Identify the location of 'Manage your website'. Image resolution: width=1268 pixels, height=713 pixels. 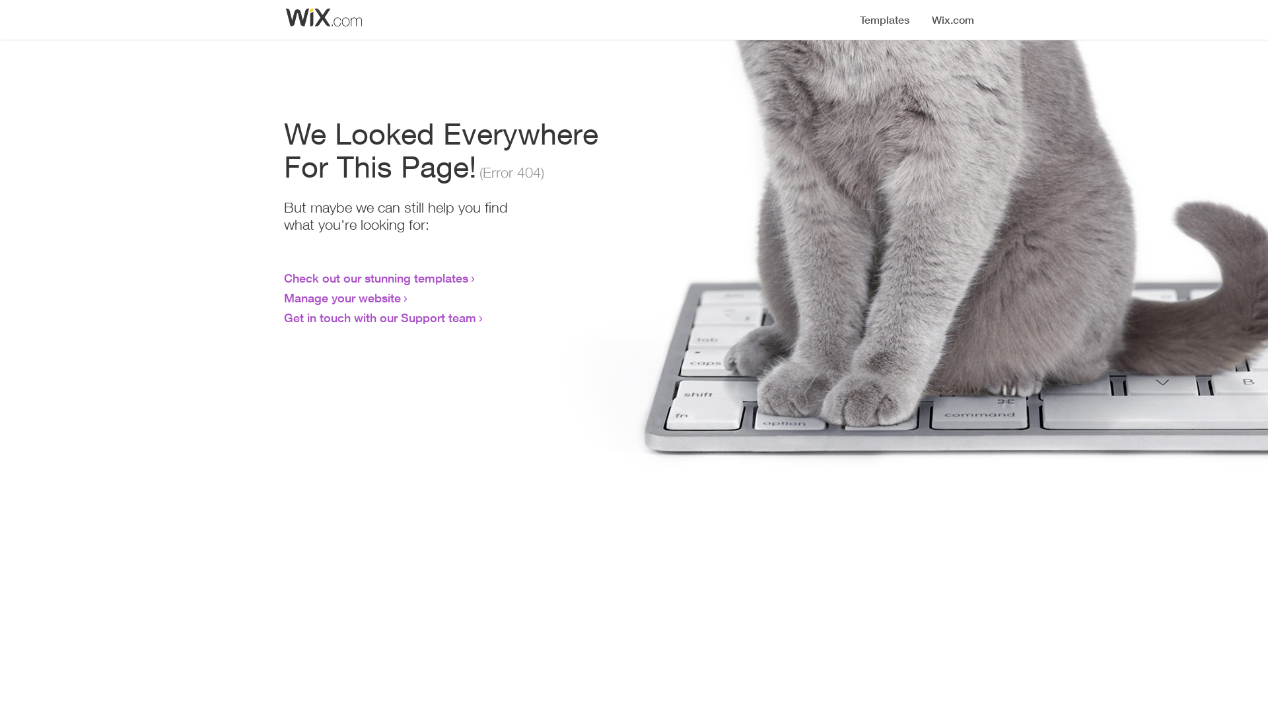
(342, 298).